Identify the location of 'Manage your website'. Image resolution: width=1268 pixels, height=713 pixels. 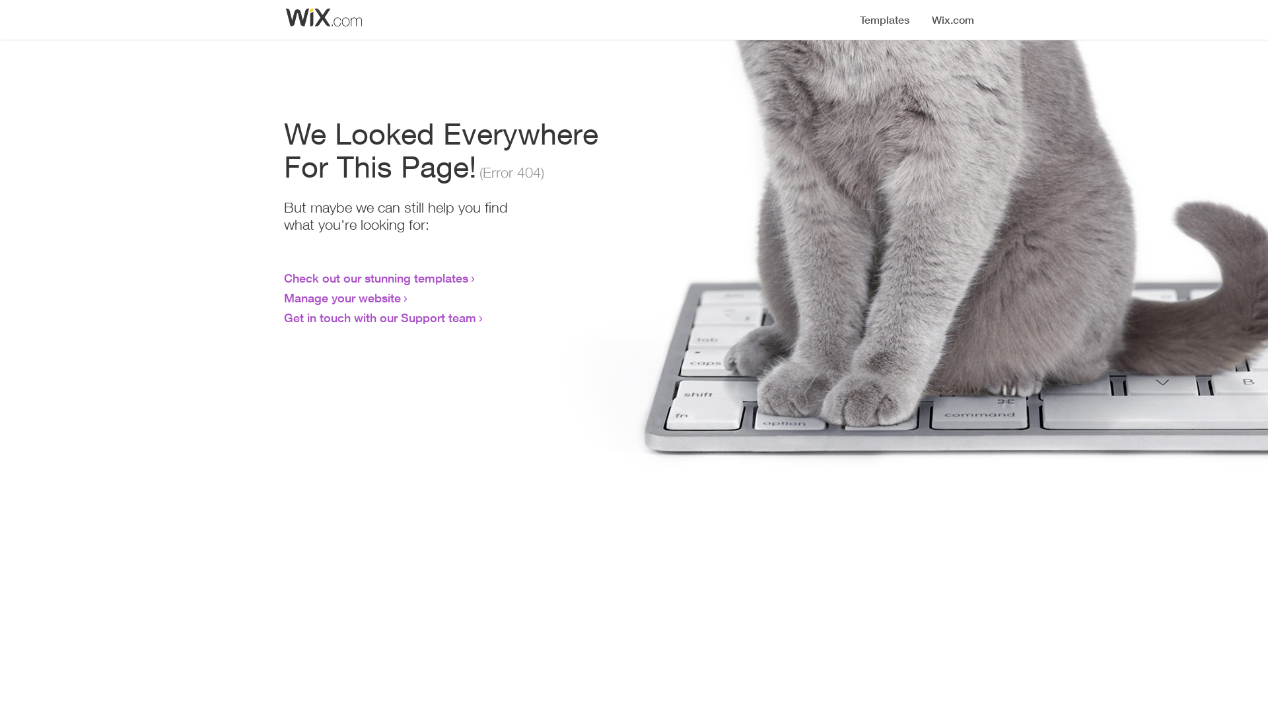
(342, 298).